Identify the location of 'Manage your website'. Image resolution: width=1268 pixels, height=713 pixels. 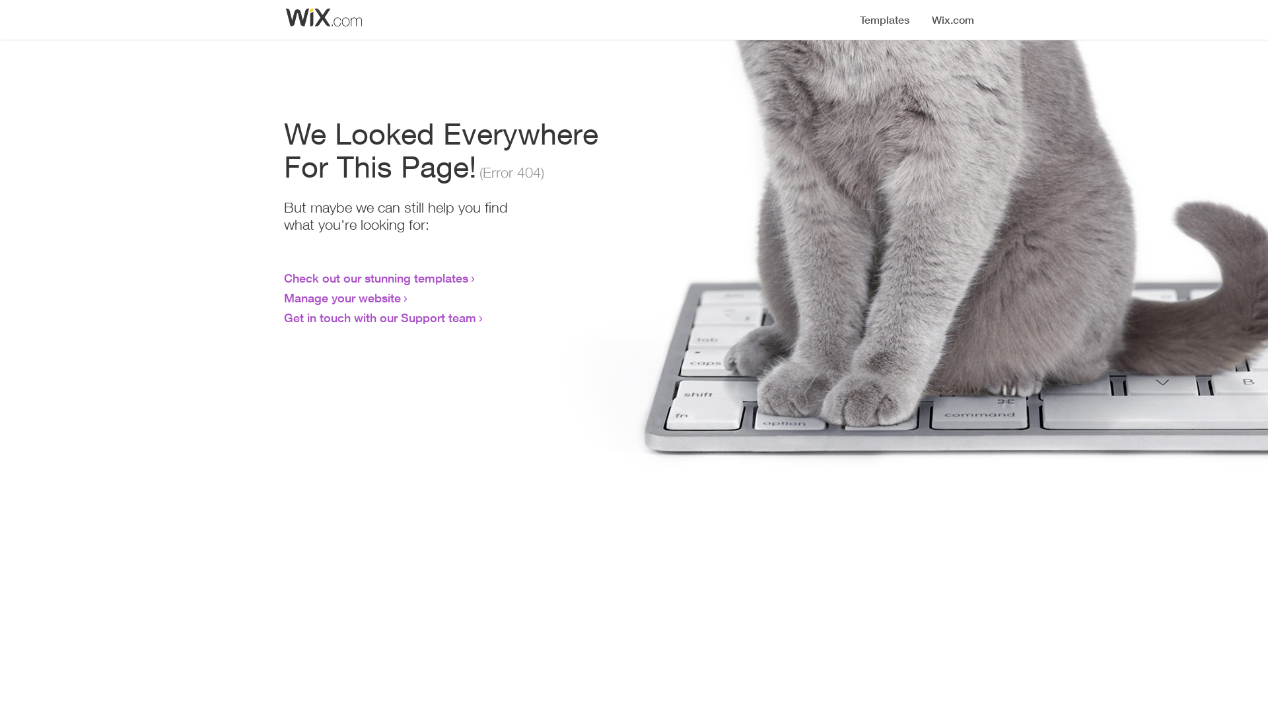
(342, 298).